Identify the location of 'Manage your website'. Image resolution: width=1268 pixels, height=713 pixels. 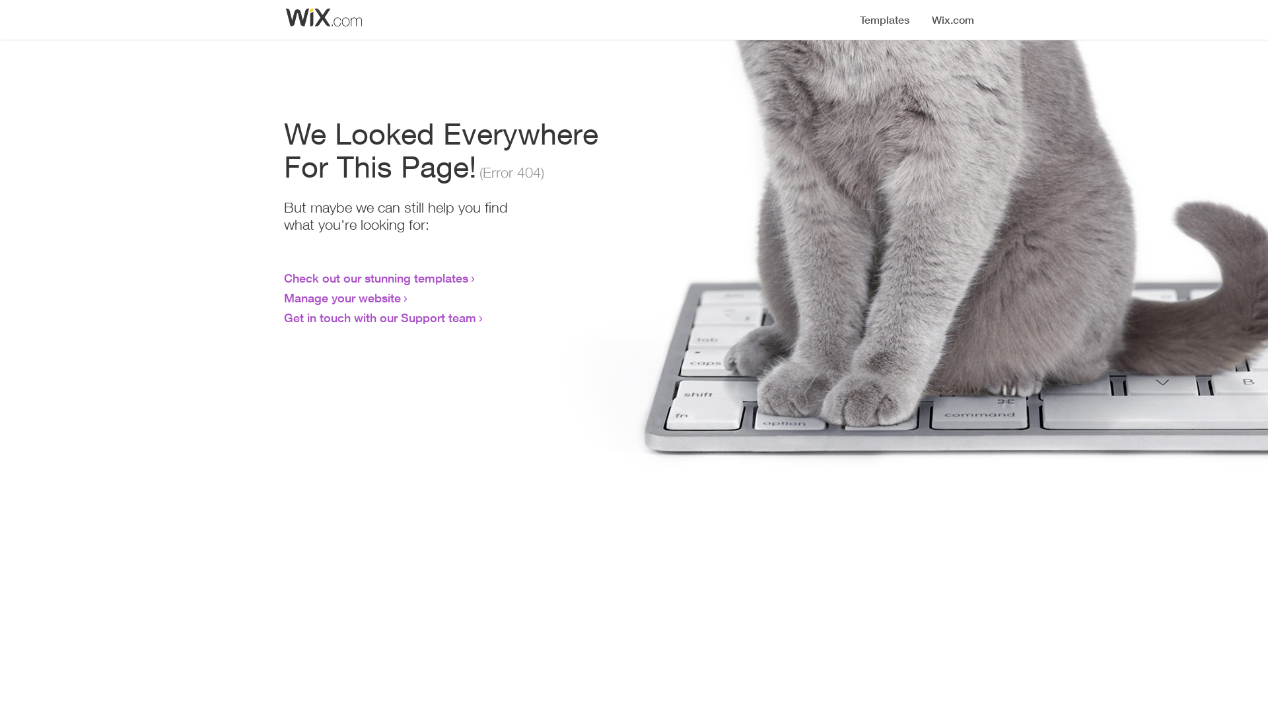
(342, 298).